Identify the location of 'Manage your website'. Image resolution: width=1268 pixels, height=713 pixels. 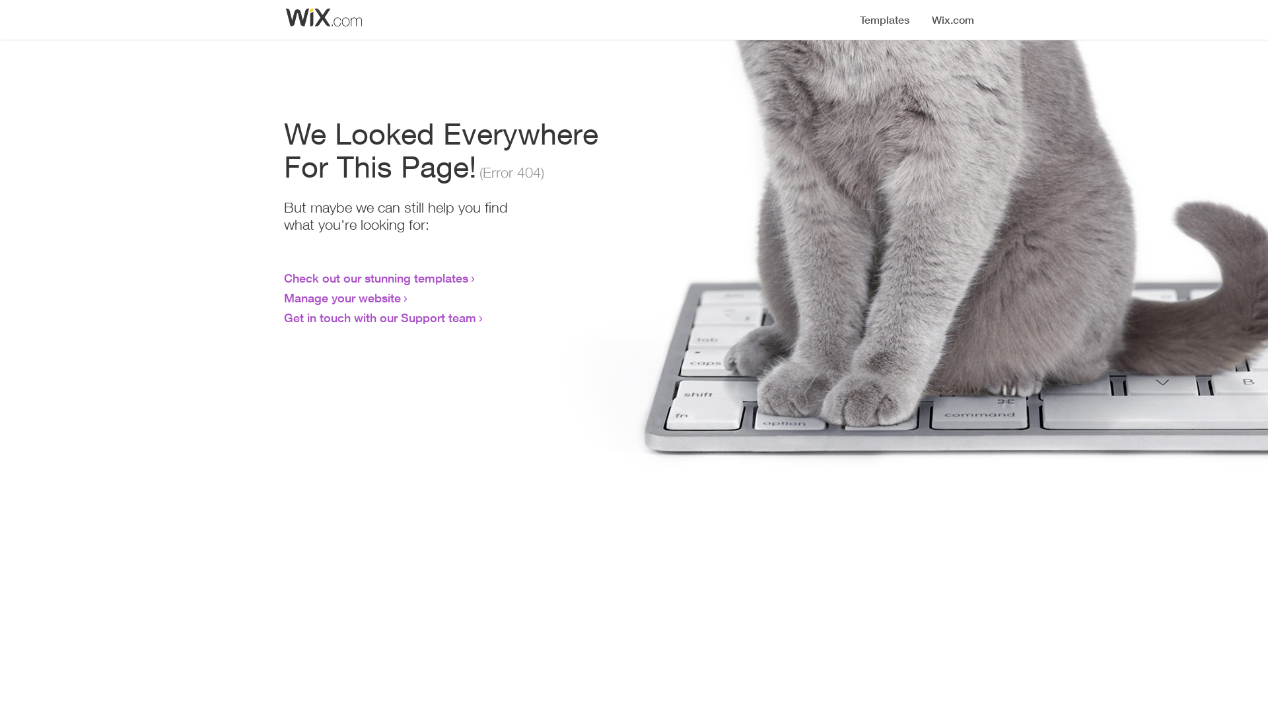
(342, 298).